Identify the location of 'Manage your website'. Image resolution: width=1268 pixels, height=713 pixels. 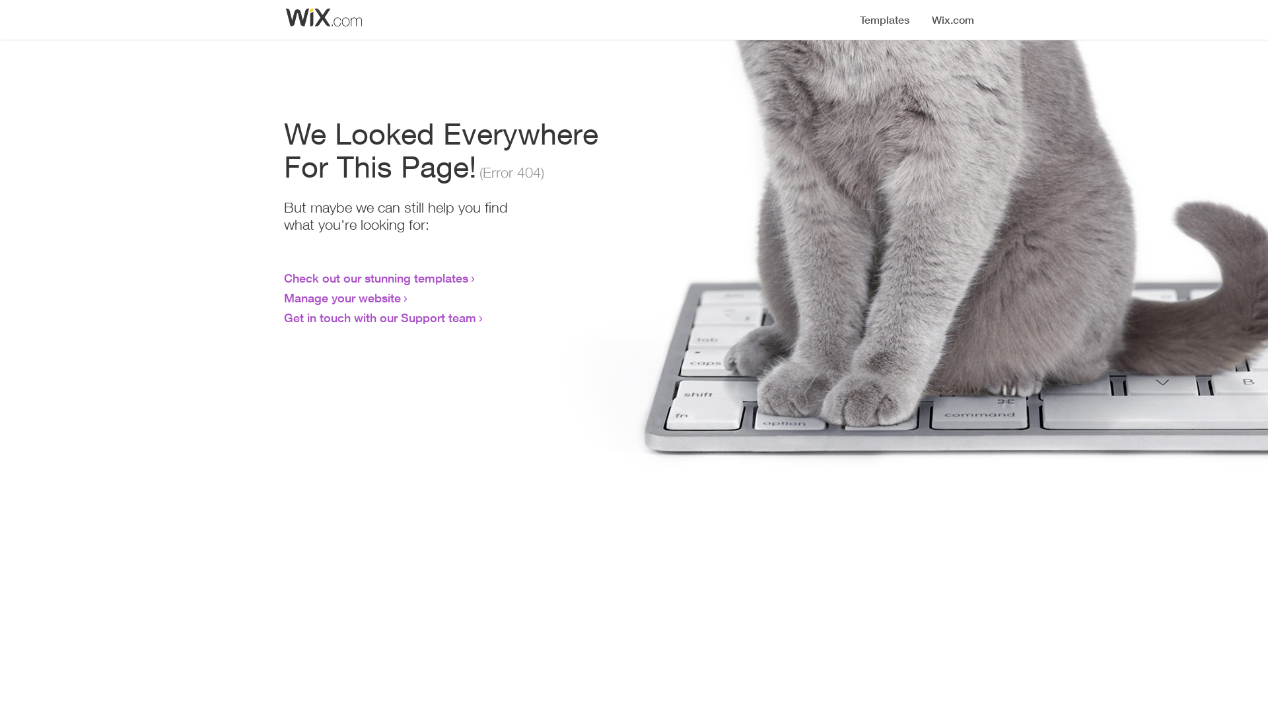
(342, 298).